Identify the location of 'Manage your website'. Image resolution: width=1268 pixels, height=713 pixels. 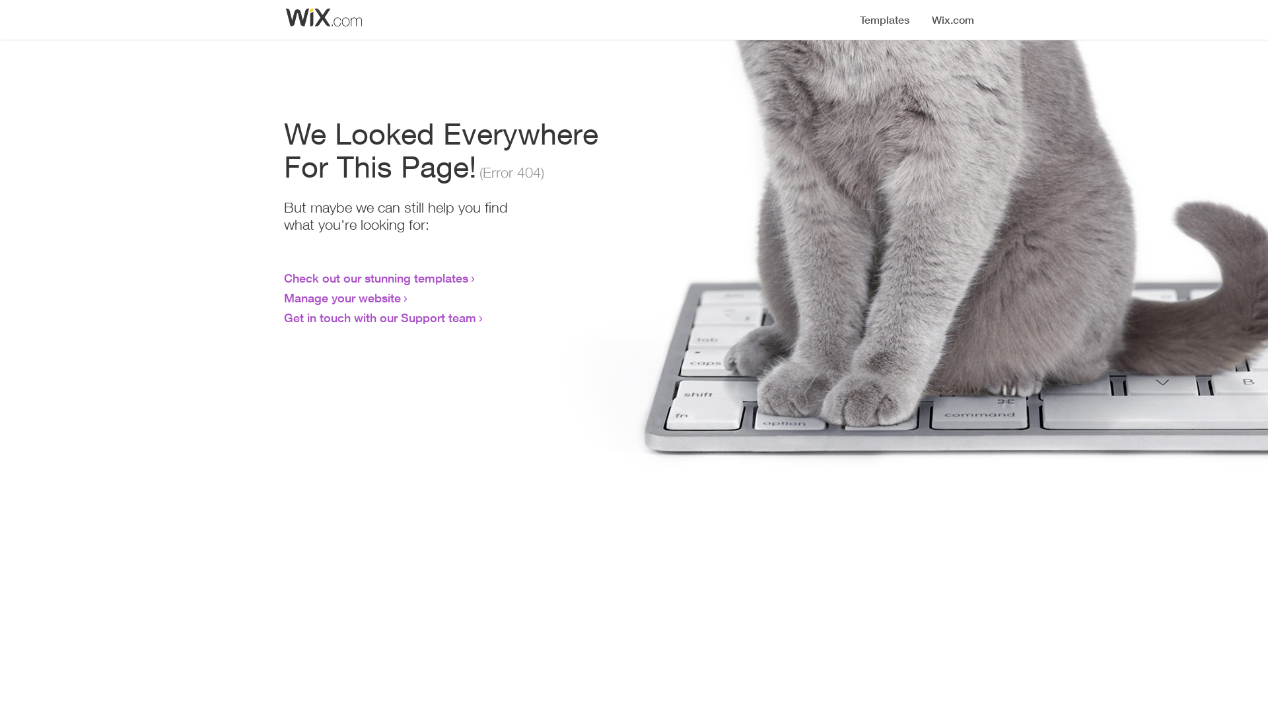
(342, 298).